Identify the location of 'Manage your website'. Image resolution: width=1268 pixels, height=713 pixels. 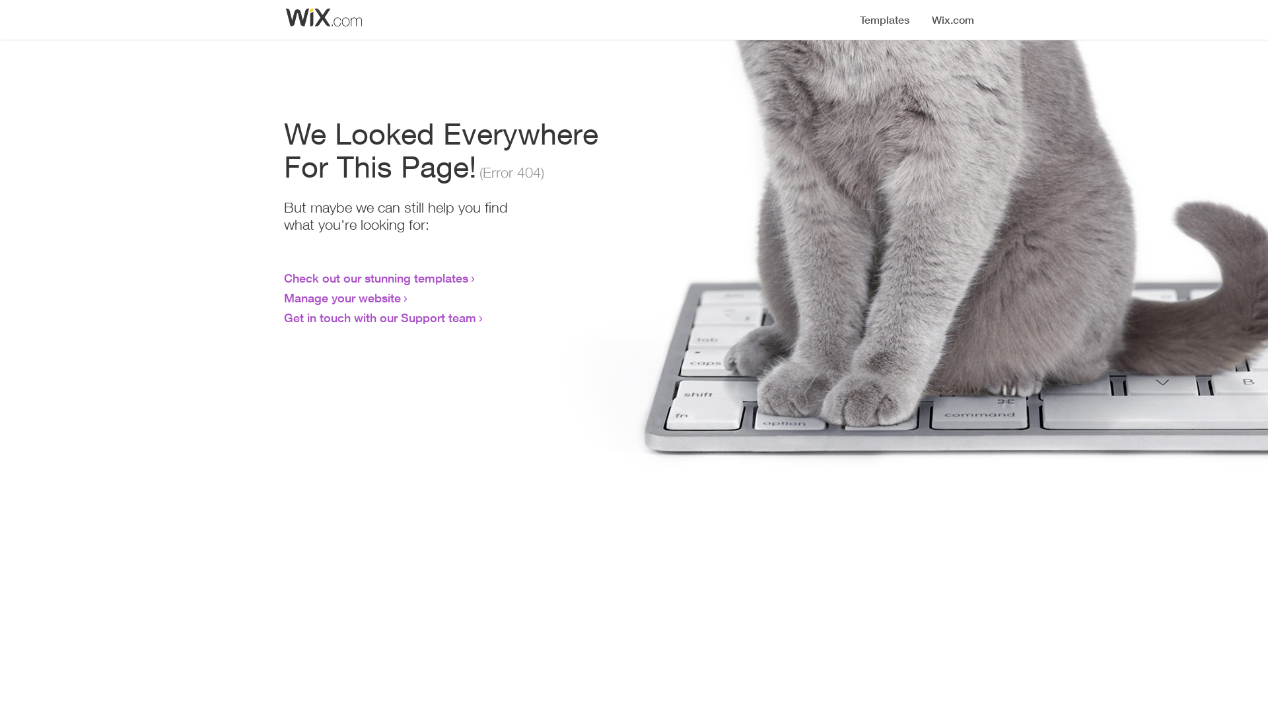
(342, 298).